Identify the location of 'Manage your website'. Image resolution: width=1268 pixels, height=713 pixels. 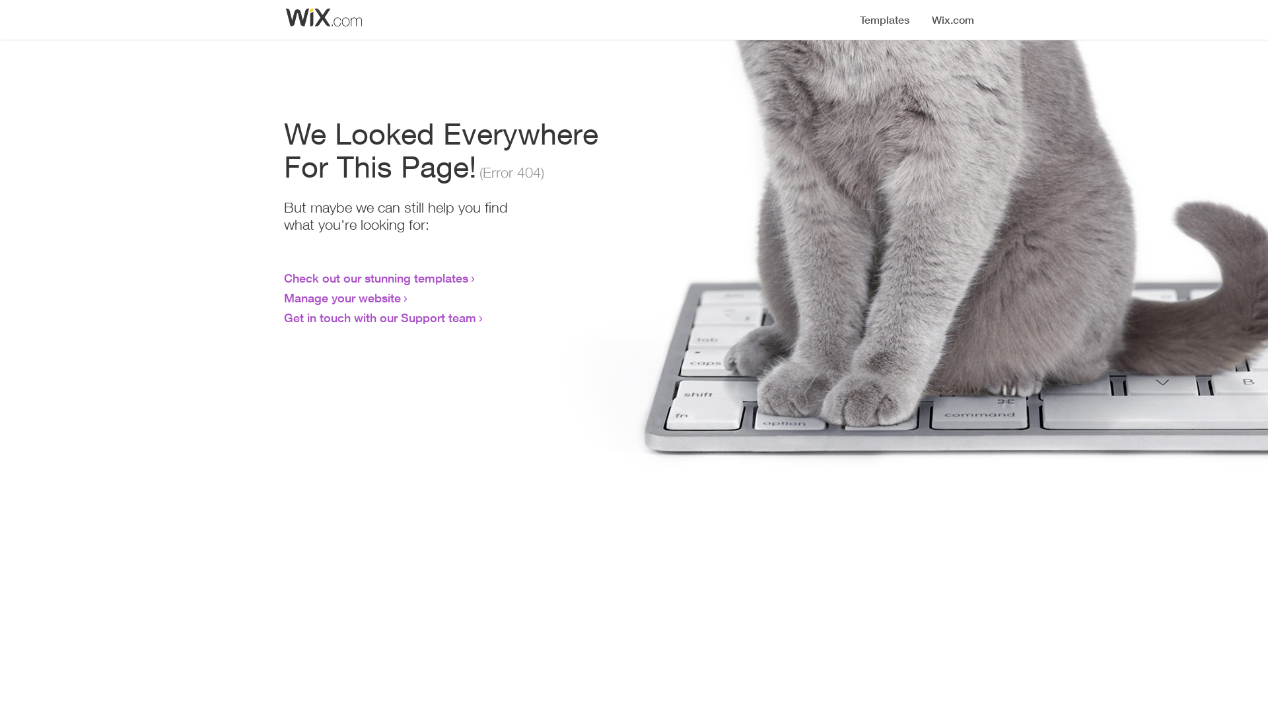
(342, 298).